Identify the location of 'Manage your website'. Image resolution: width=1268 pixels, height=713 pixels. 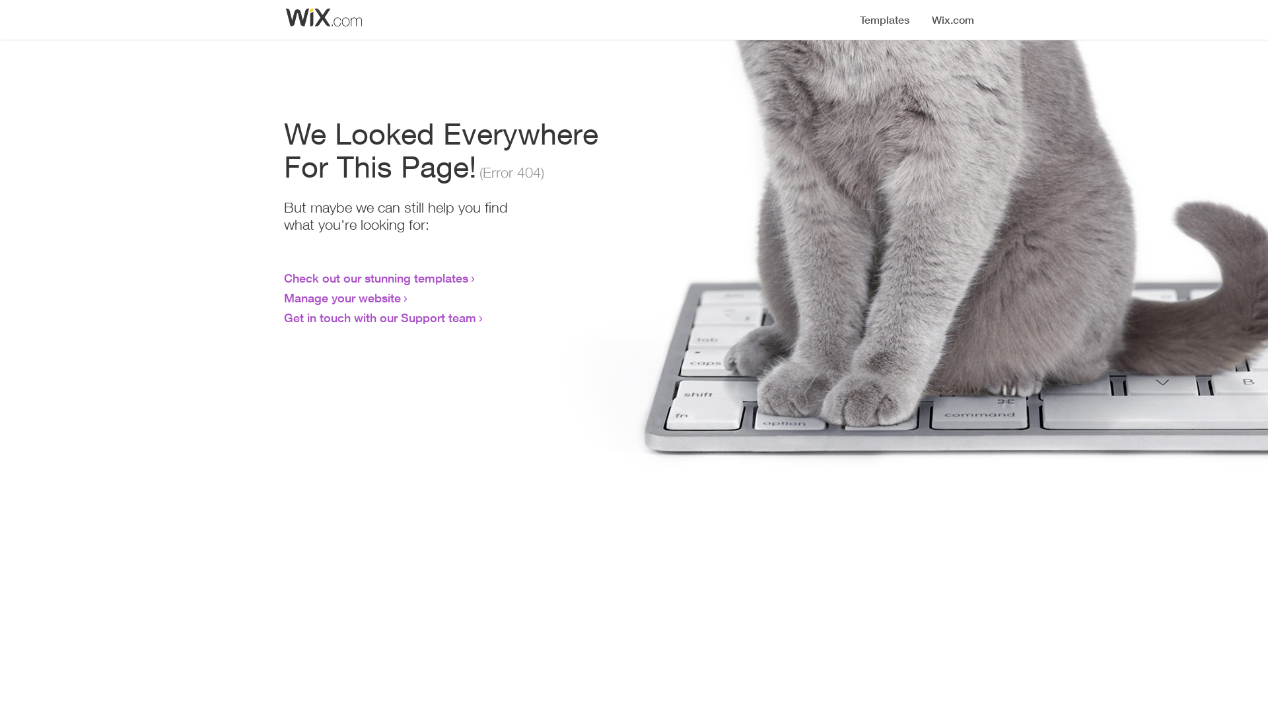
(342, 298).